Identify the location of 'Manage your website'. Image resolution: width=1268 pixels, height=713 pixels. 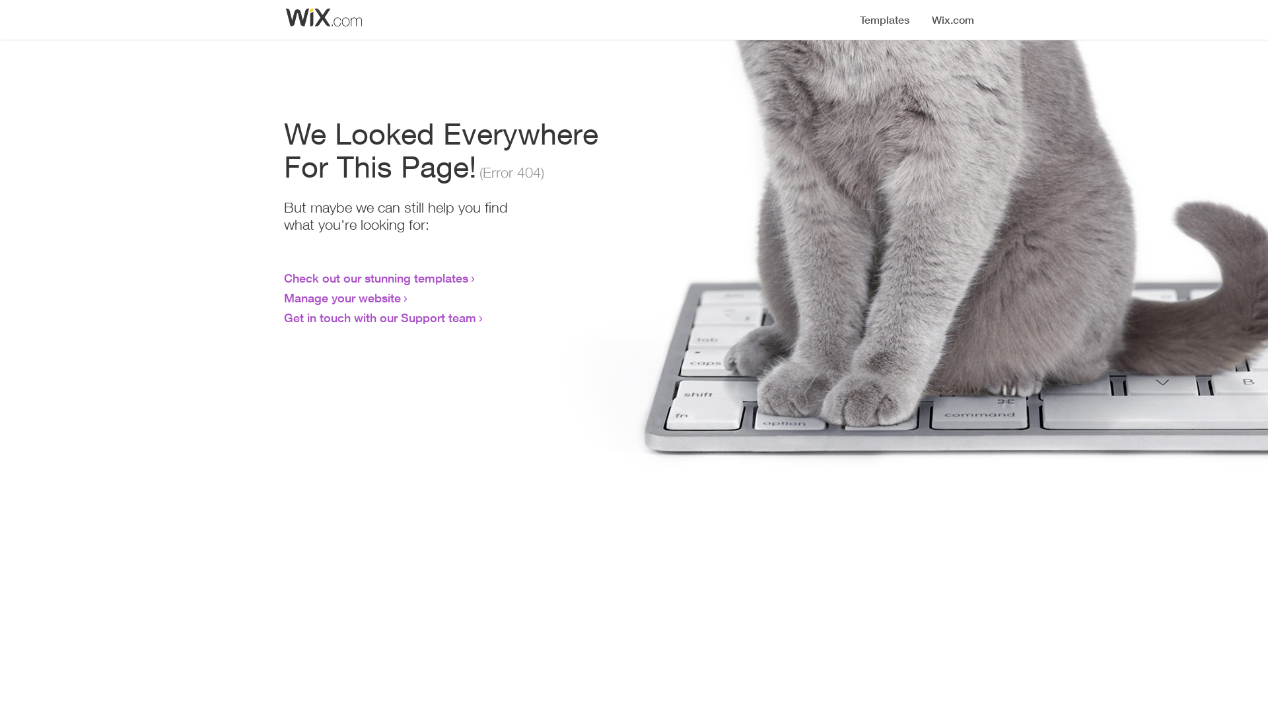
(342, 298).